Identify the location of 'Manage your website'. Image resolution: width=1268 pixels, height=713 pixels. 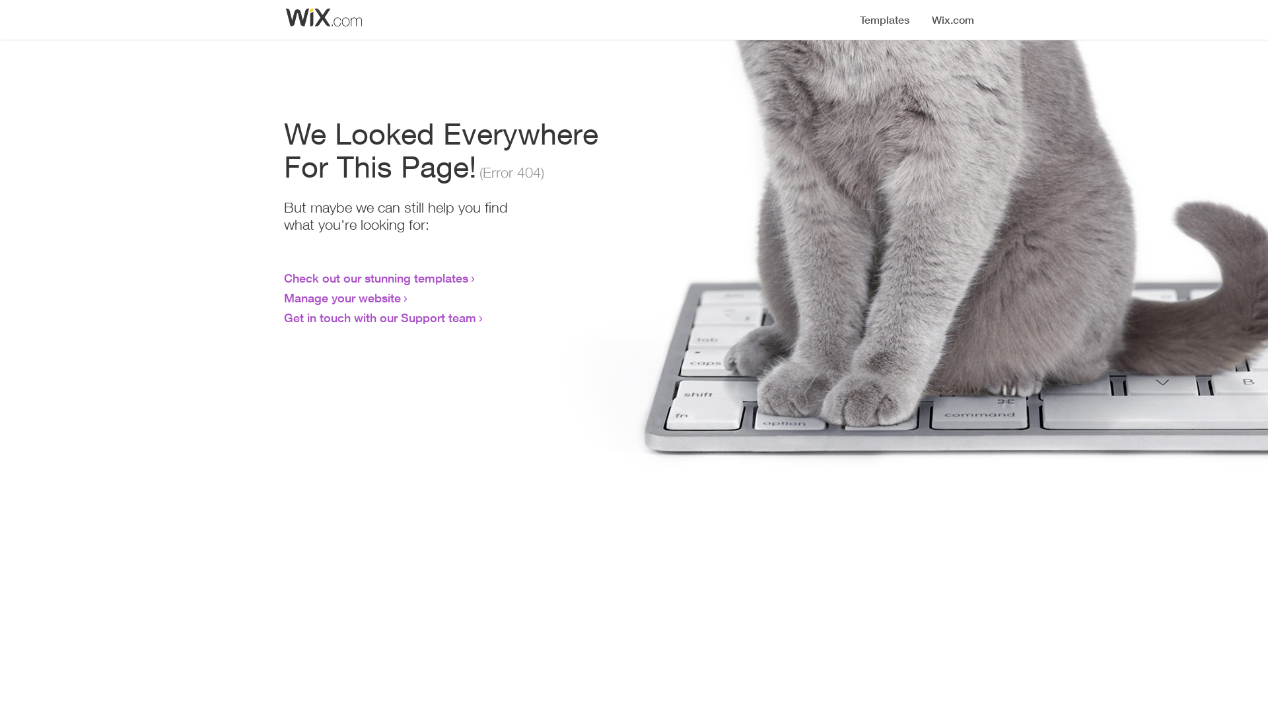
(342, 298).